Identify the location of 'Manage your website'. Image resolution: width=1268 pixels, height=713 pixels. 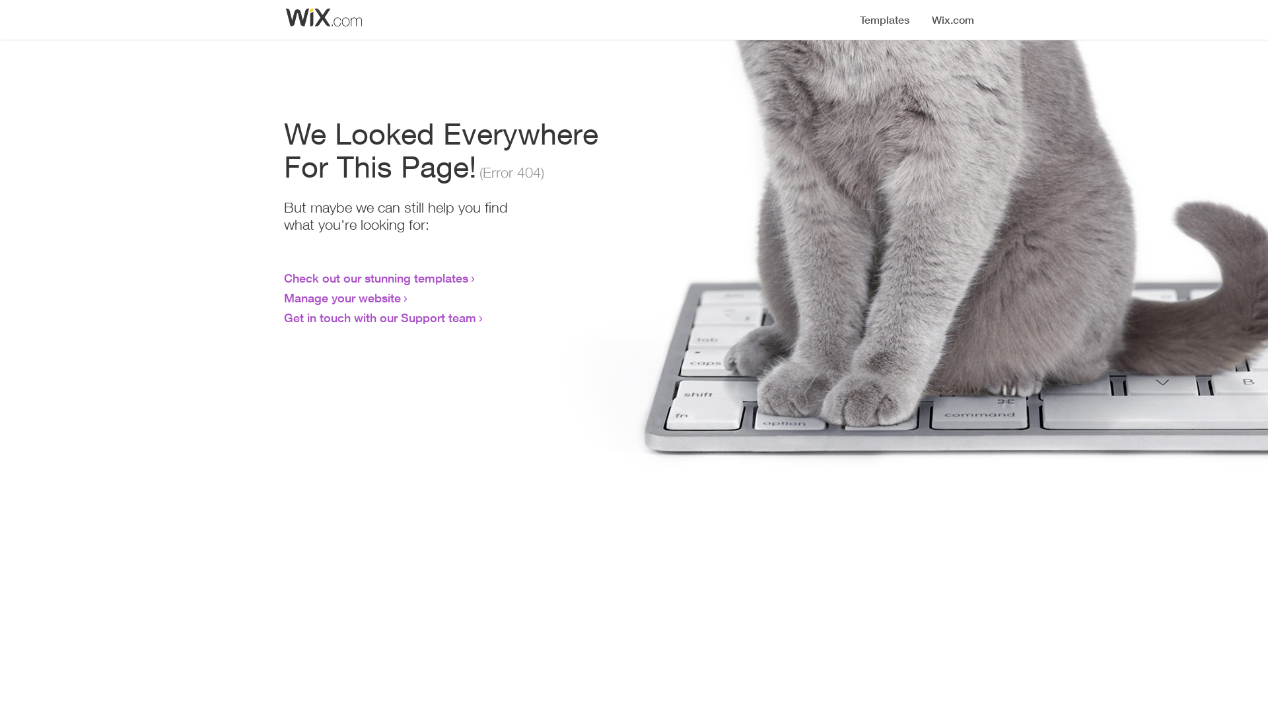
(342, 298).